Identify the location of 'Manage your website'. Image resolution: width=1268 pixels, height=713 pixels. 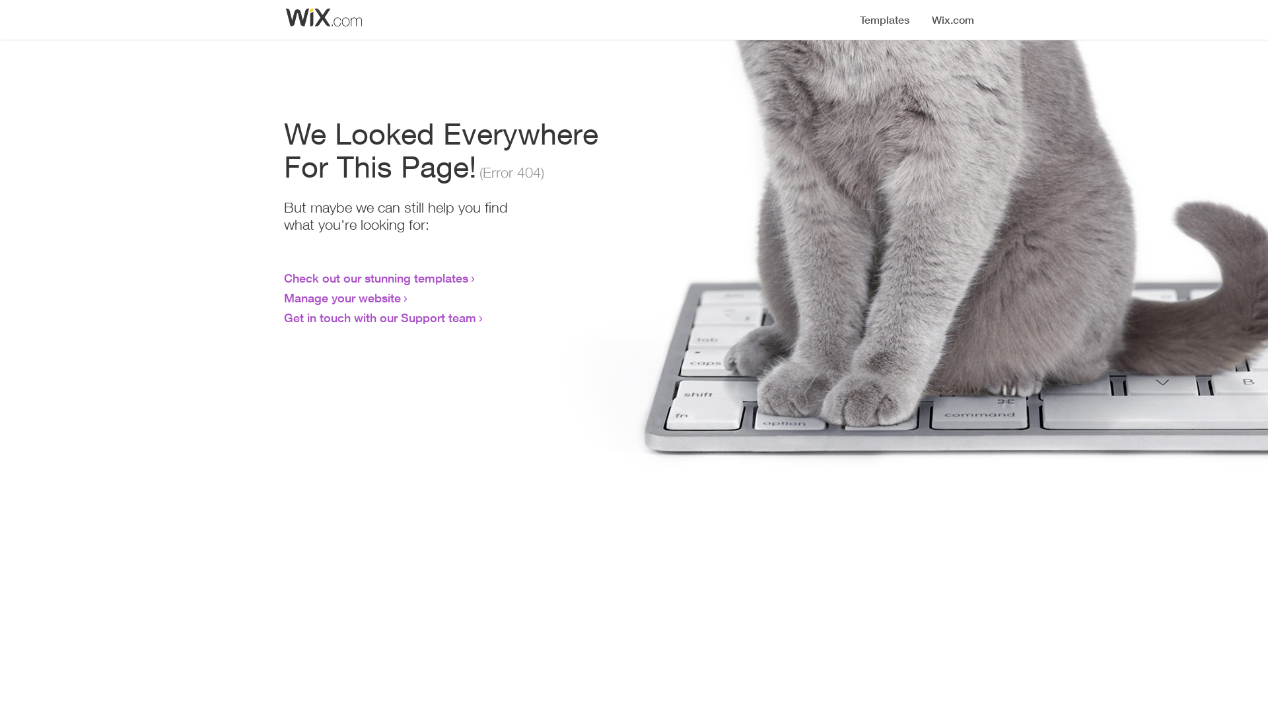
(342, 298).